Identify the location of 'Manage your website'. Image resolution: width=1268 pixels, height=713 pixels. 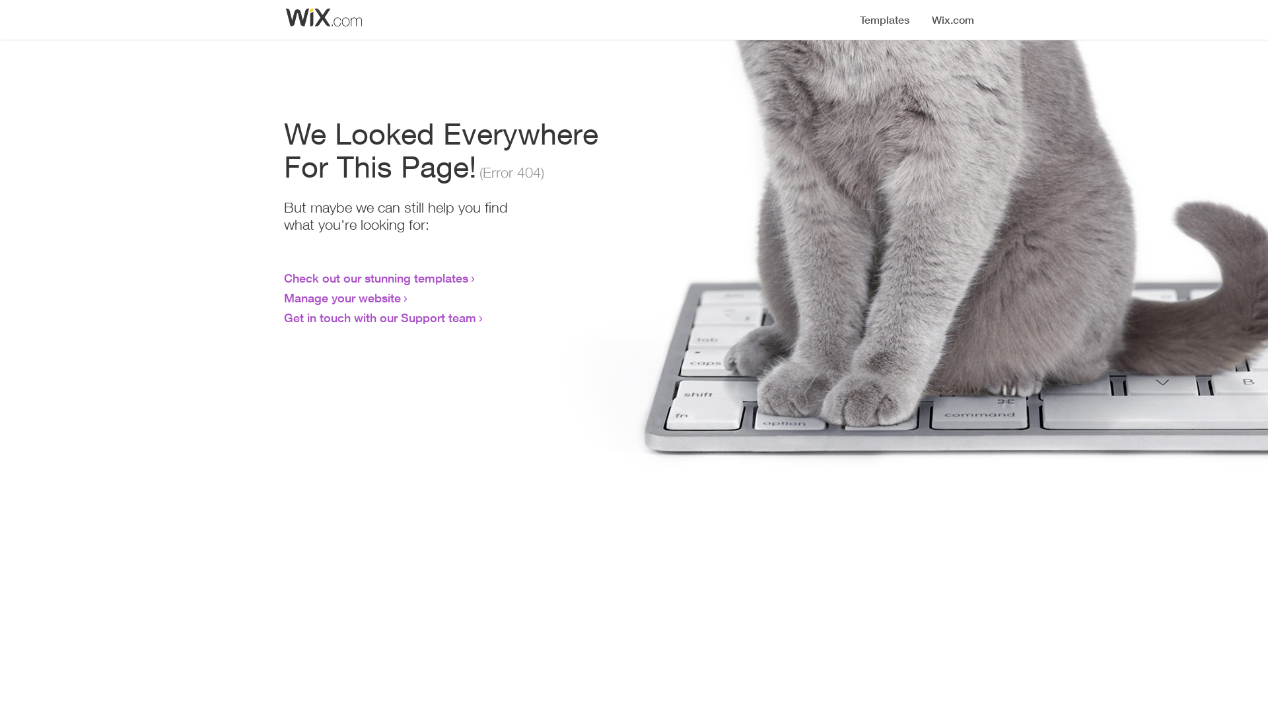
(342, 298).